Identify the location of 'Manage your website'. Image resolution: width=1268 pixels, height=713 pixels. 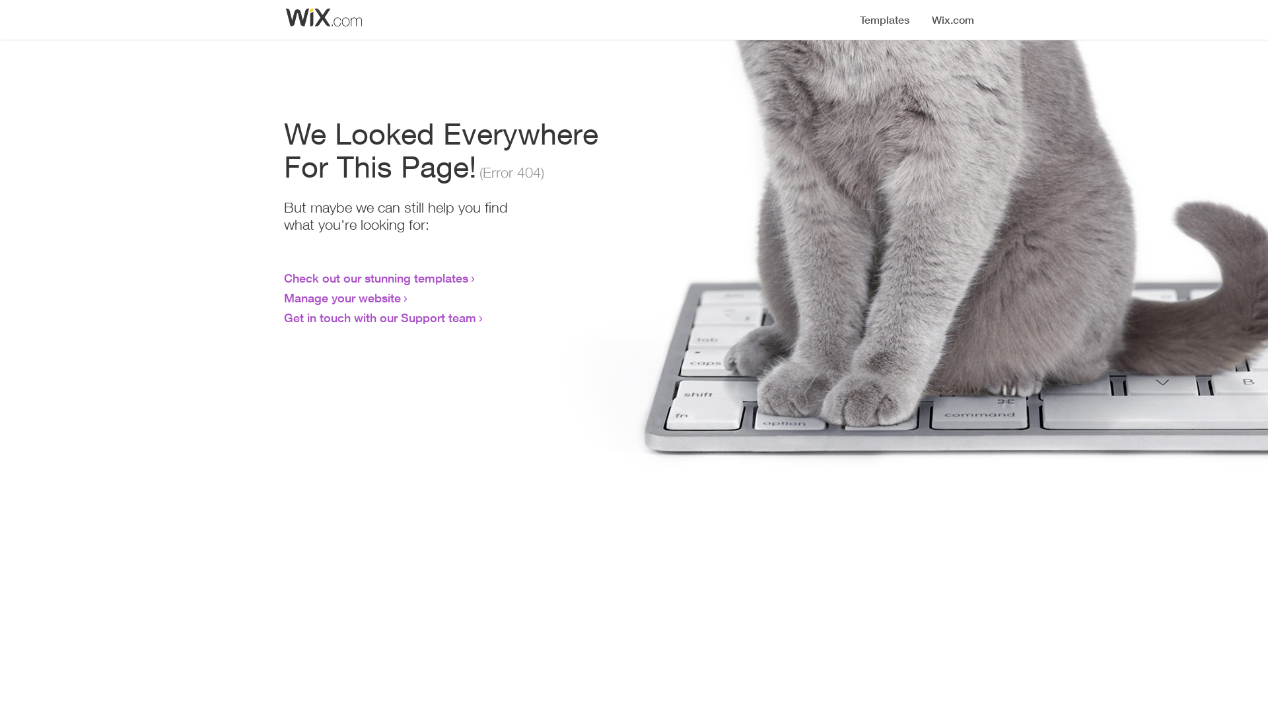
(342, 298).